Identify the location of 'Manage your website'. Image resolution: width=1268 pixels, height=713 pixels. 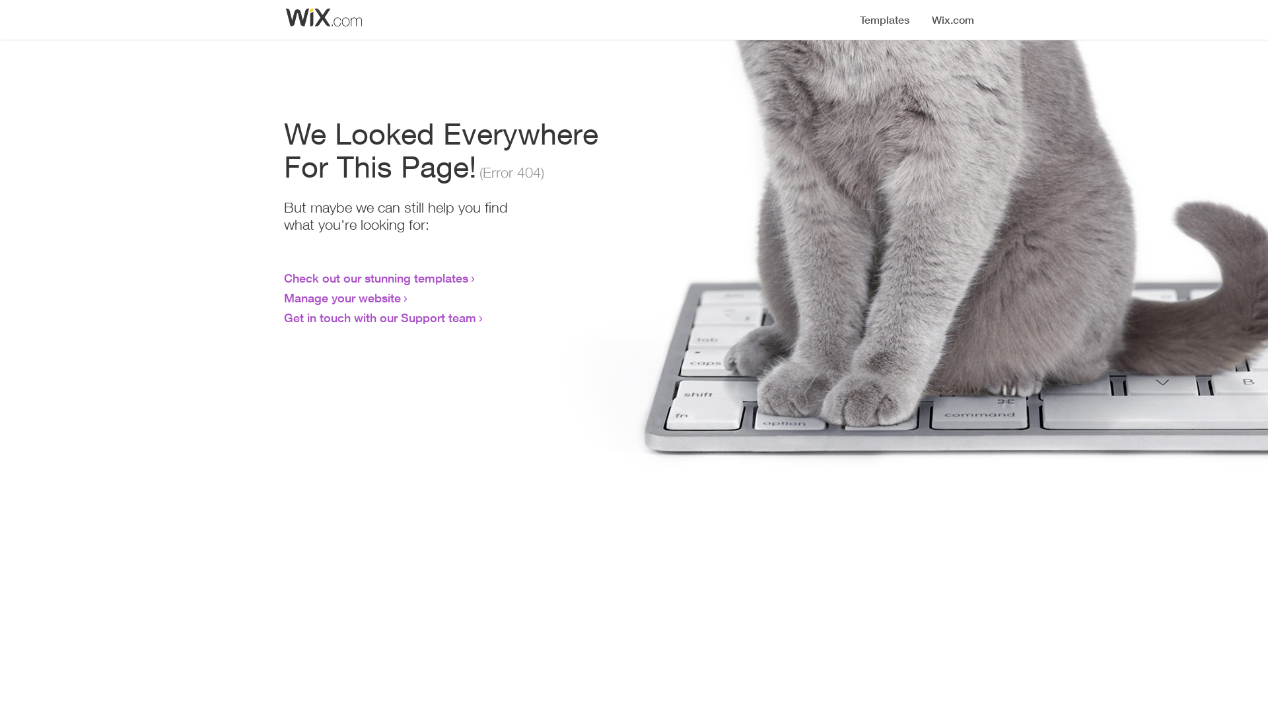
(342, 298).